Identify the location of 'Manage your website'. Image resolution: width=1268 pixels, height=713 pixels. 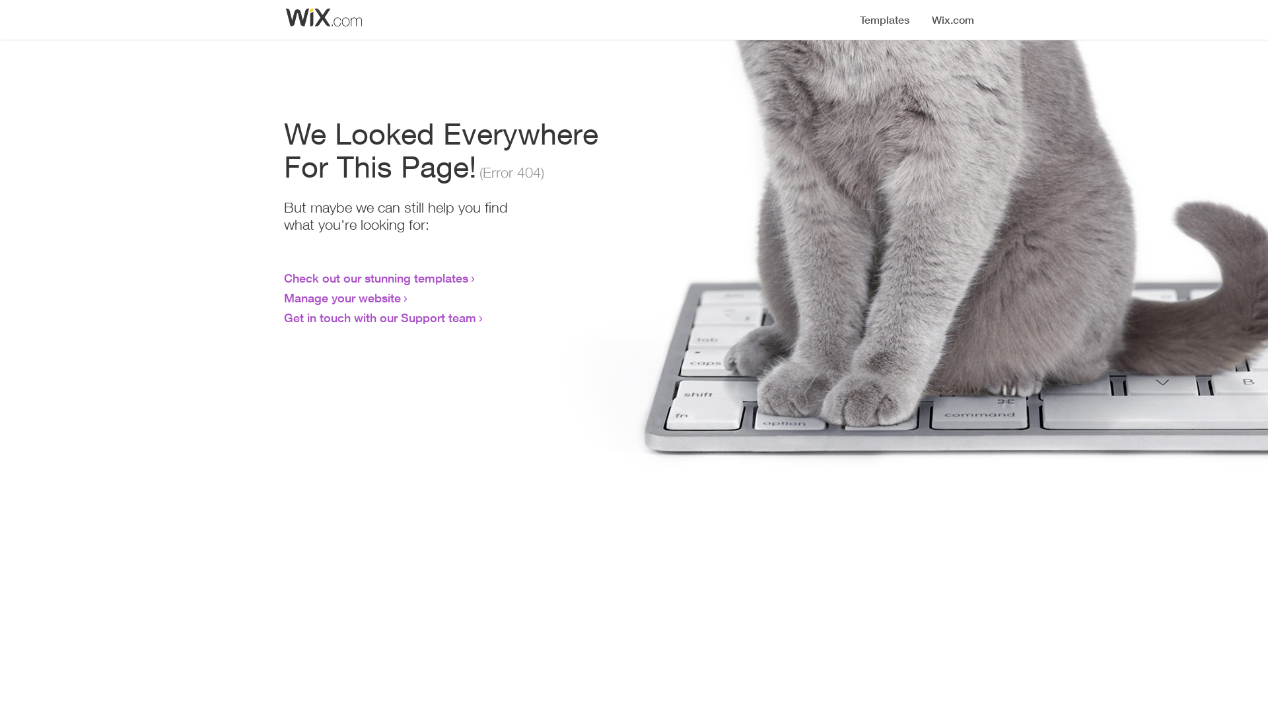
(342, 298).